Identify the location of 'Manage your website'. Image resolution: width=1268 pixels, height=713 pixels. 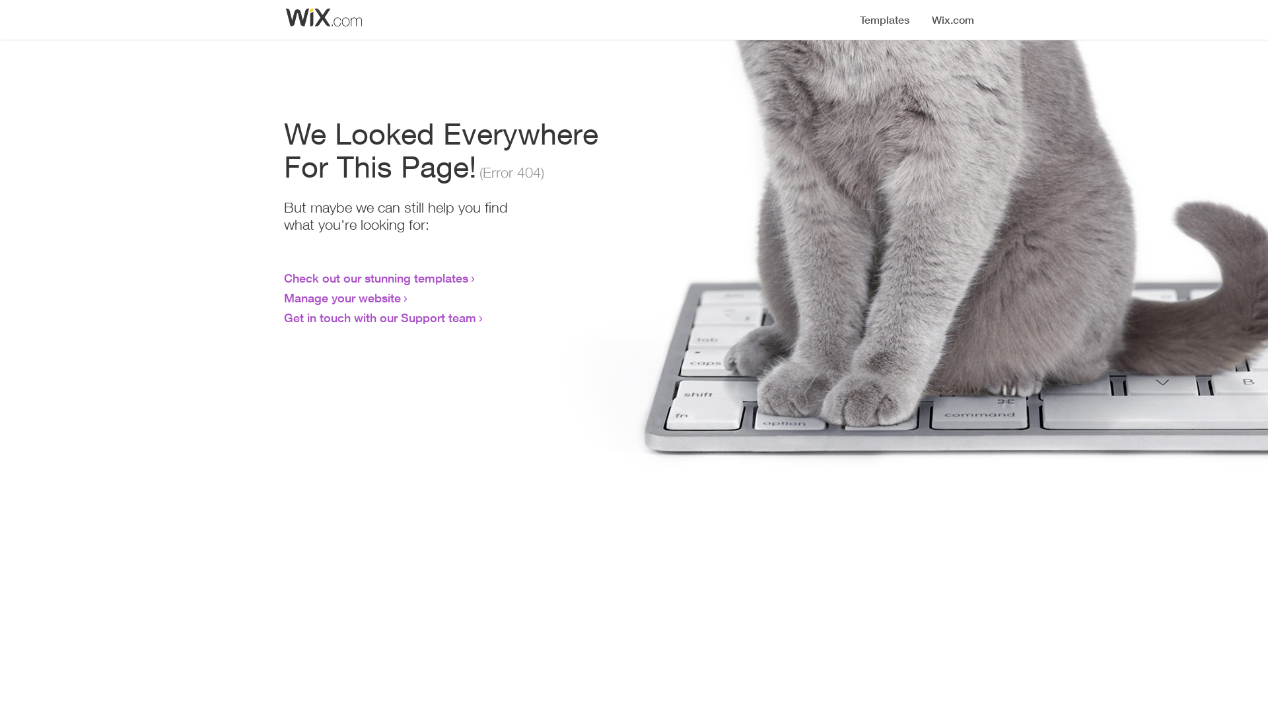
(342, 298).